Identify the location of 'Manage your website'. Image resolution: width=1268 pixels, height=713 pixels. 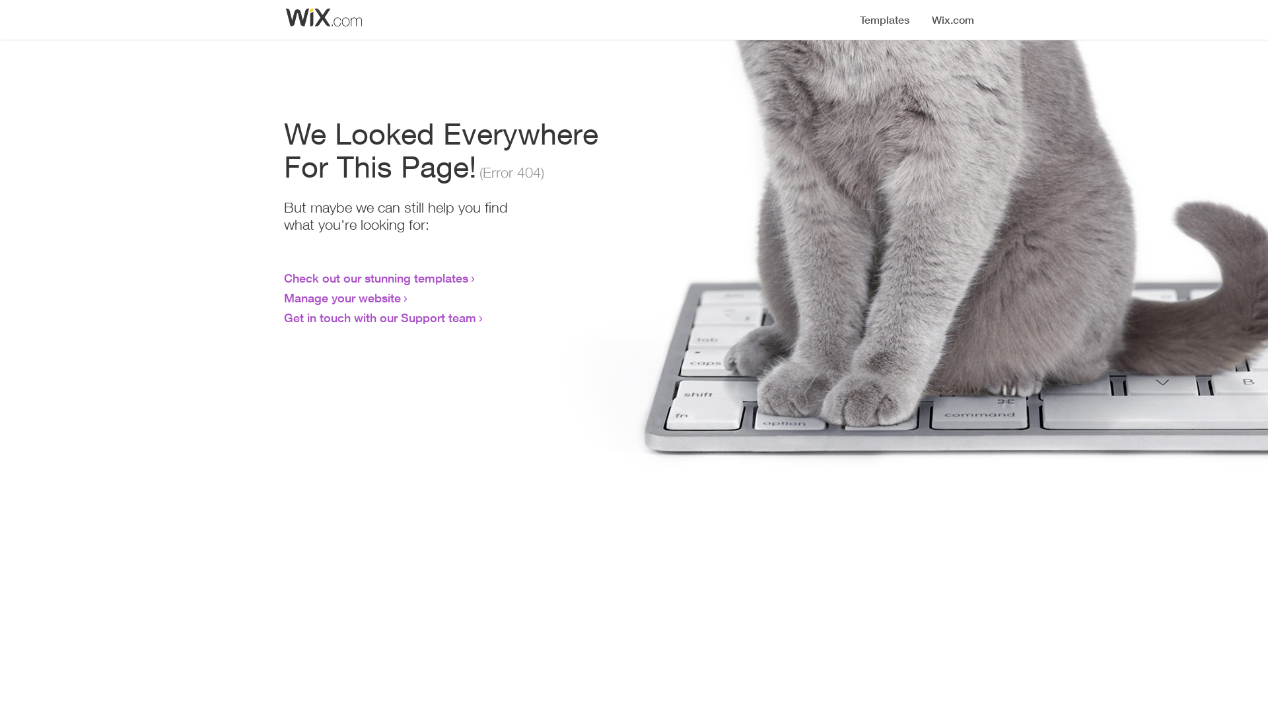
(342, 298).